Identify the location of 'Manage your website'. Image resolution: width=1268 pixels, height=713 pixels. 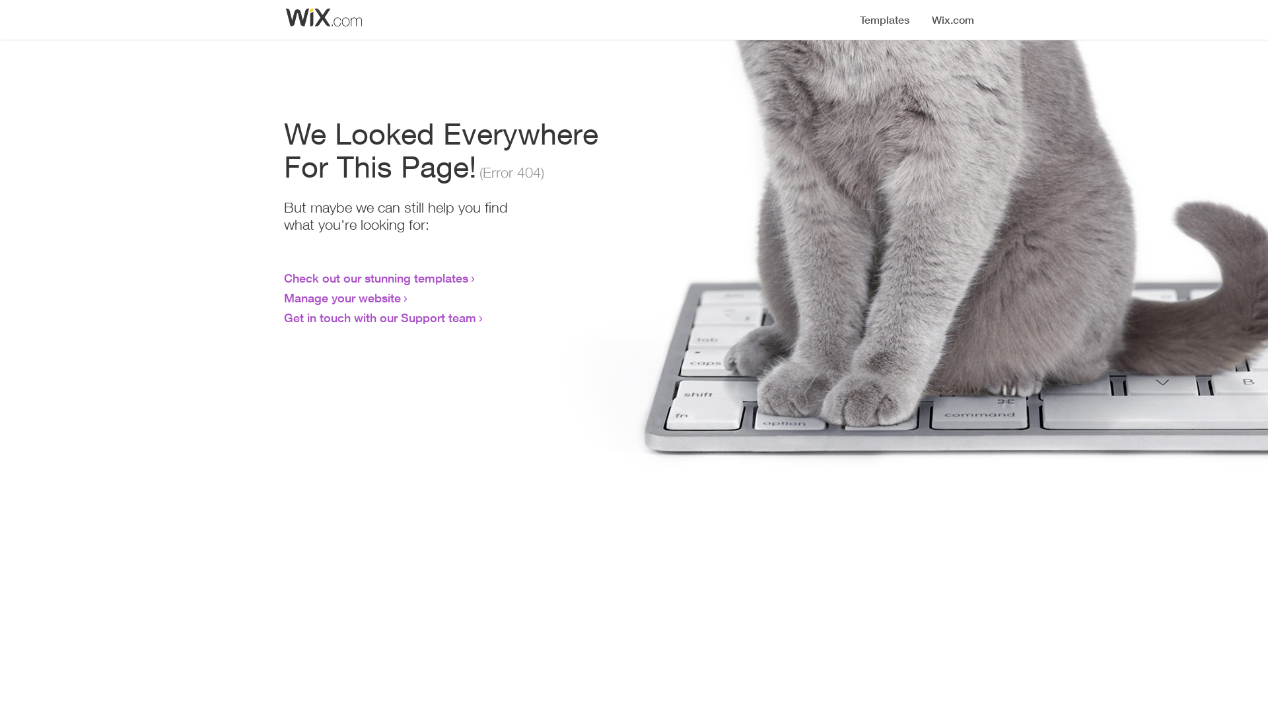
(342, 298).